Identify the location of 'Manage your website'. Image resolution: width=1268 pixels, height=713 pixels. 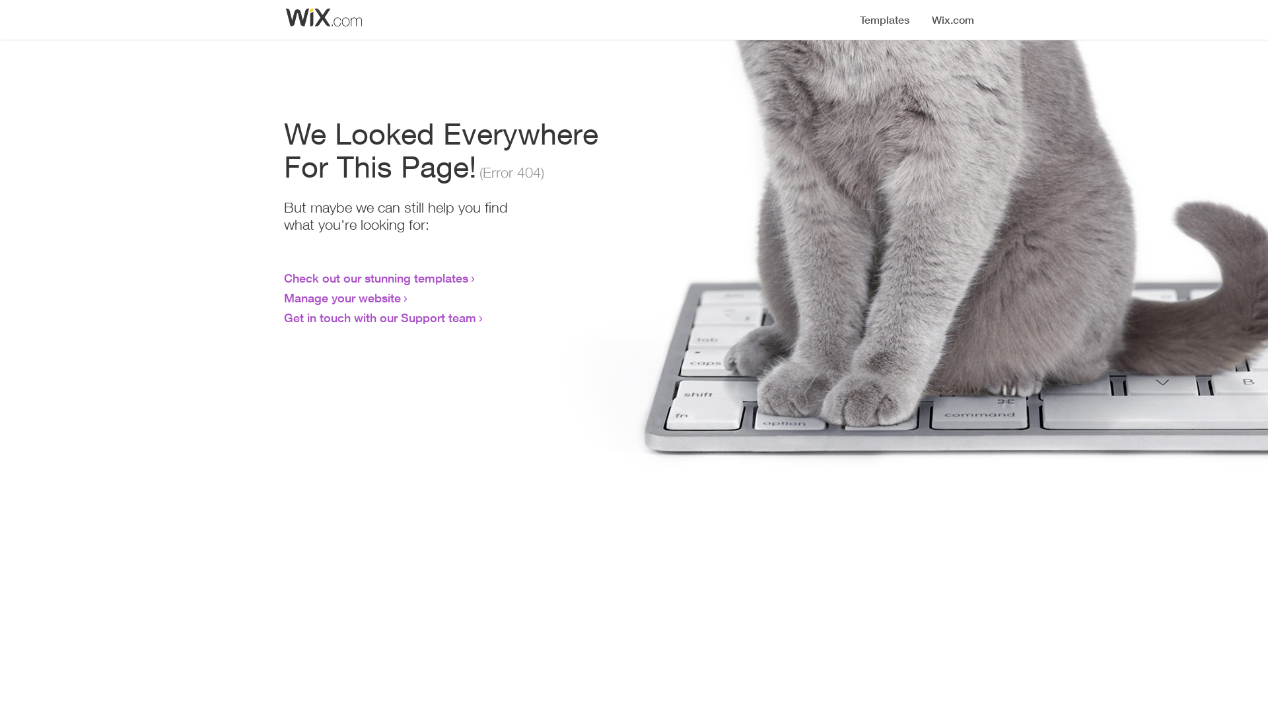
(342, 298).